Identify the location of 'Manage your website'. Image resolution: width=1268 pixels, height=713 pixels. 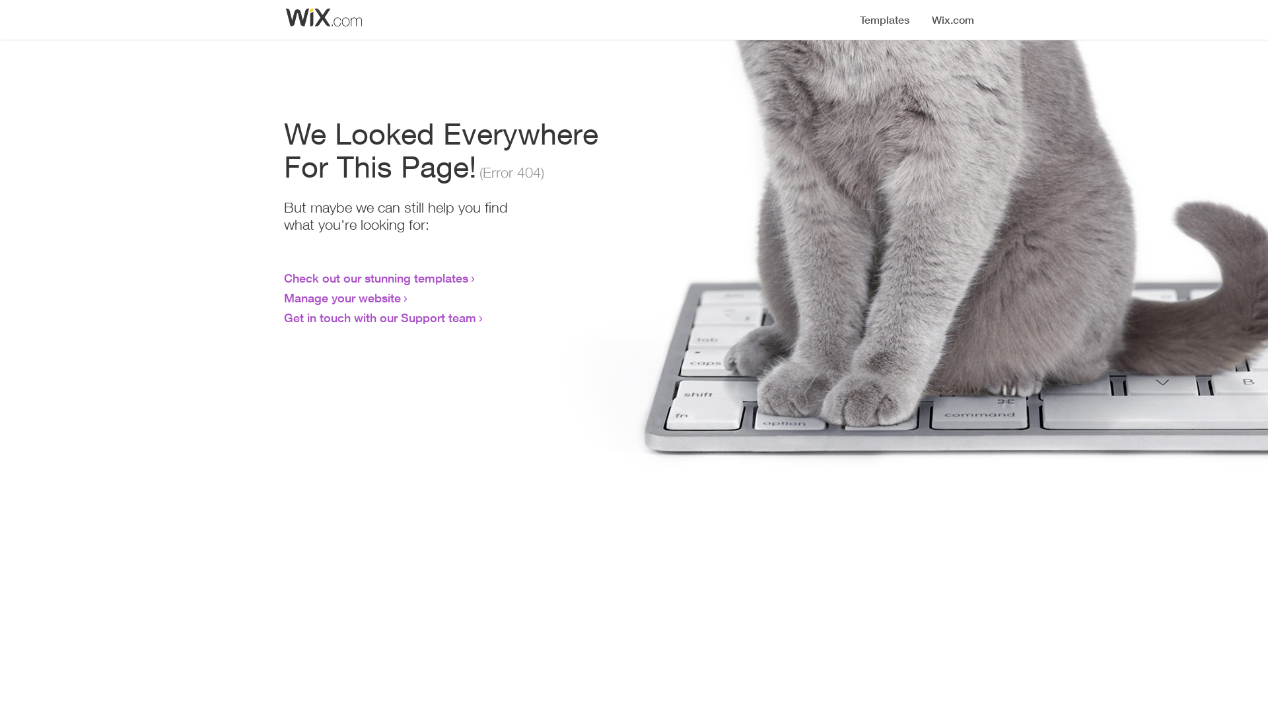
(342, 298).